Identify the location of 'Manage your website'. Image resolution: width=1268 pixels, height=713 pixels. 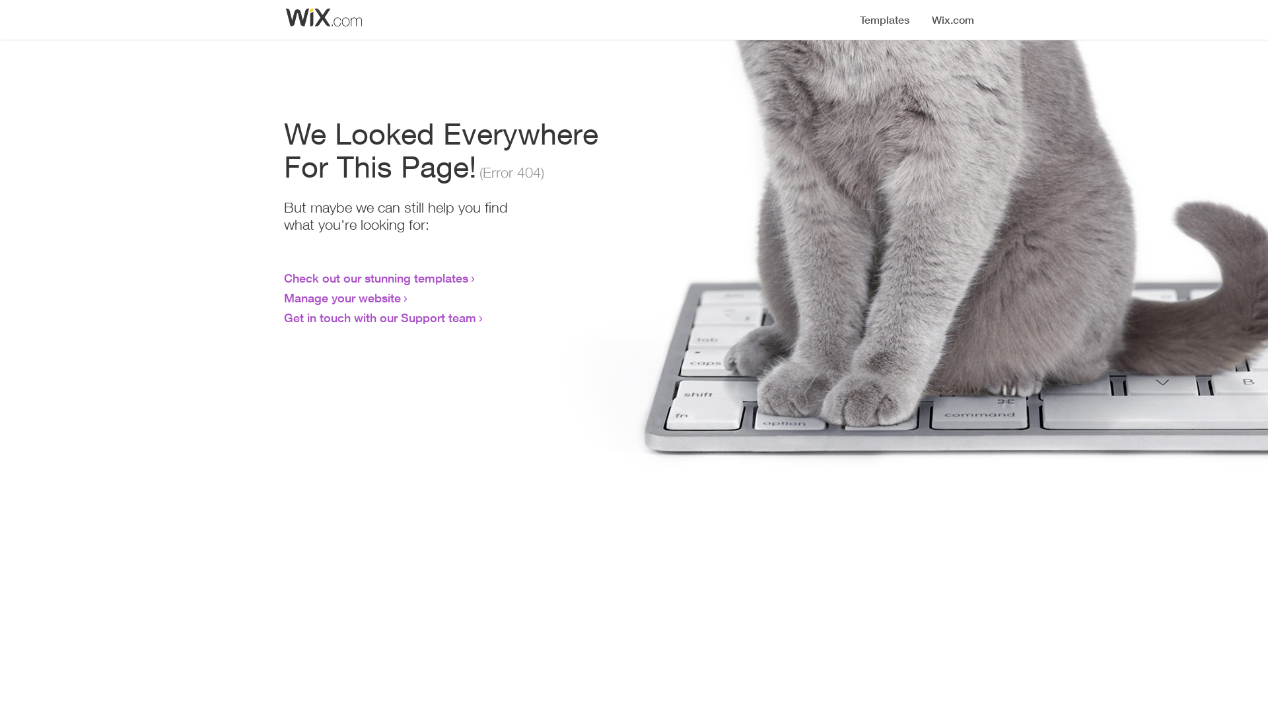
(342, 298).